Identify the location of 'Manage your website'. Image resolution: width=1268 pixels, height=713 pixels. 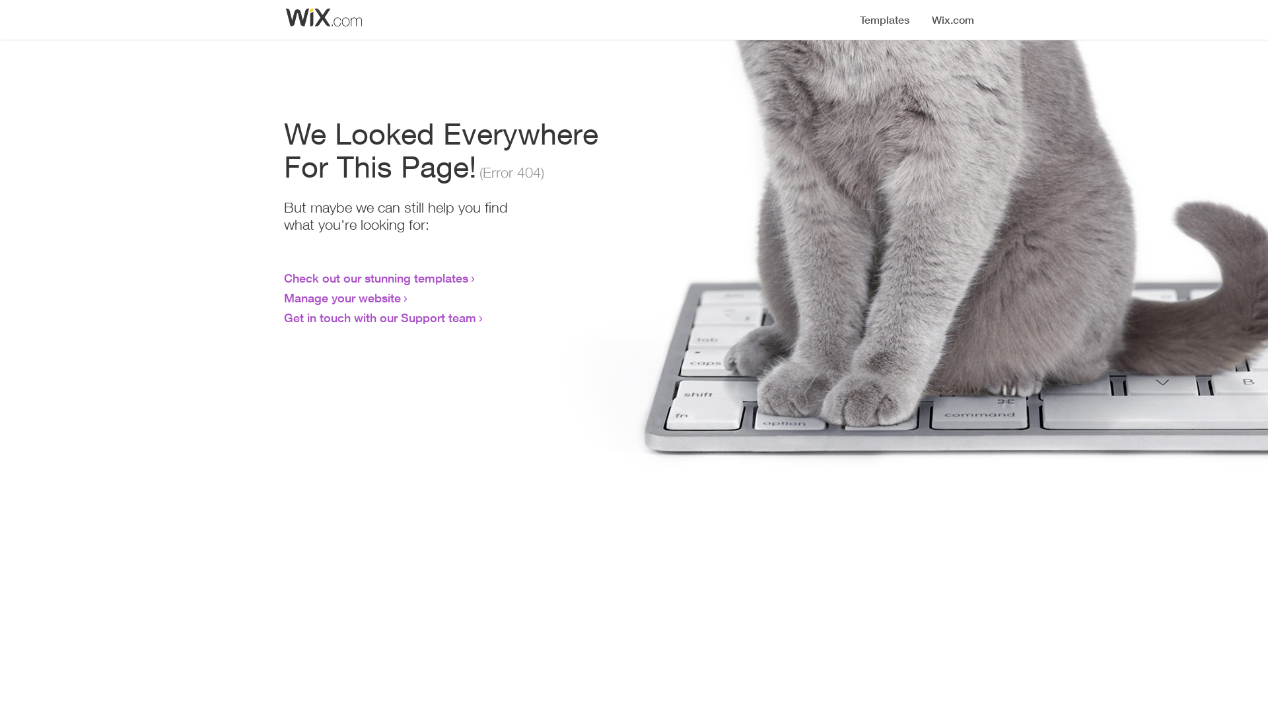
(342, 298).